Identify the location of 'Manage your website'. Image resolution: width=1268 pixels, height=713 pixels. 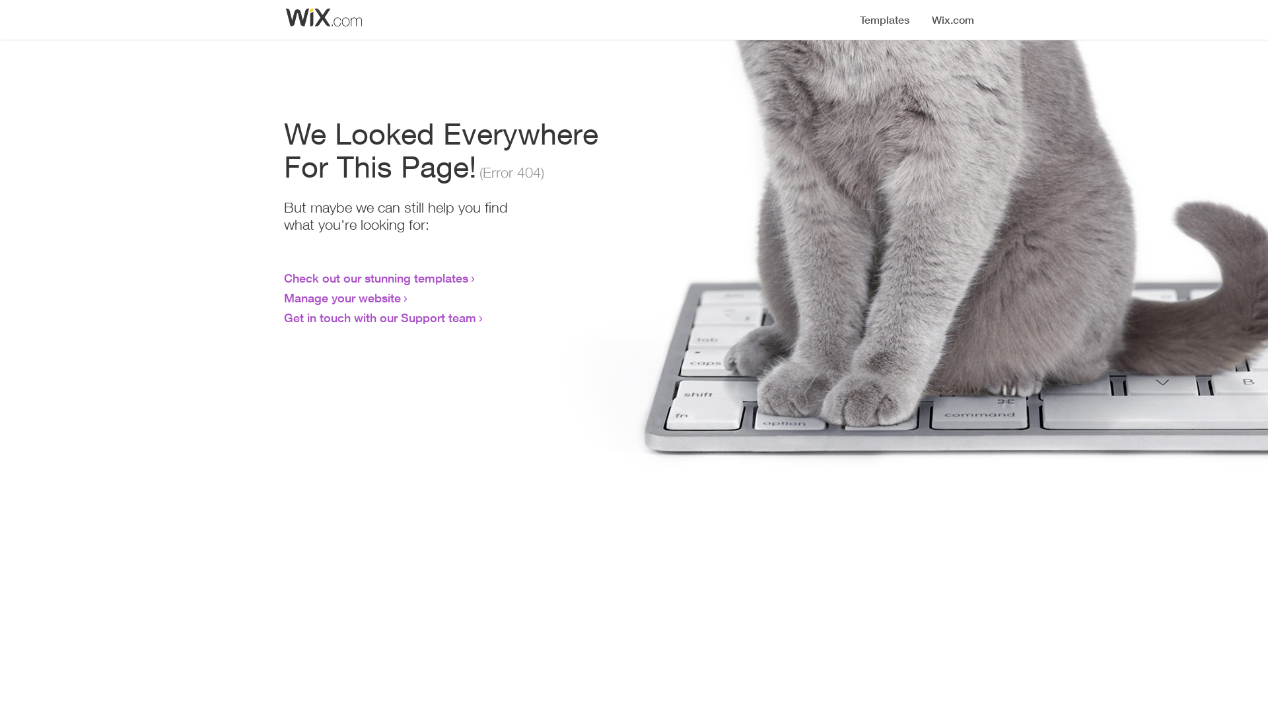
(342, 298).